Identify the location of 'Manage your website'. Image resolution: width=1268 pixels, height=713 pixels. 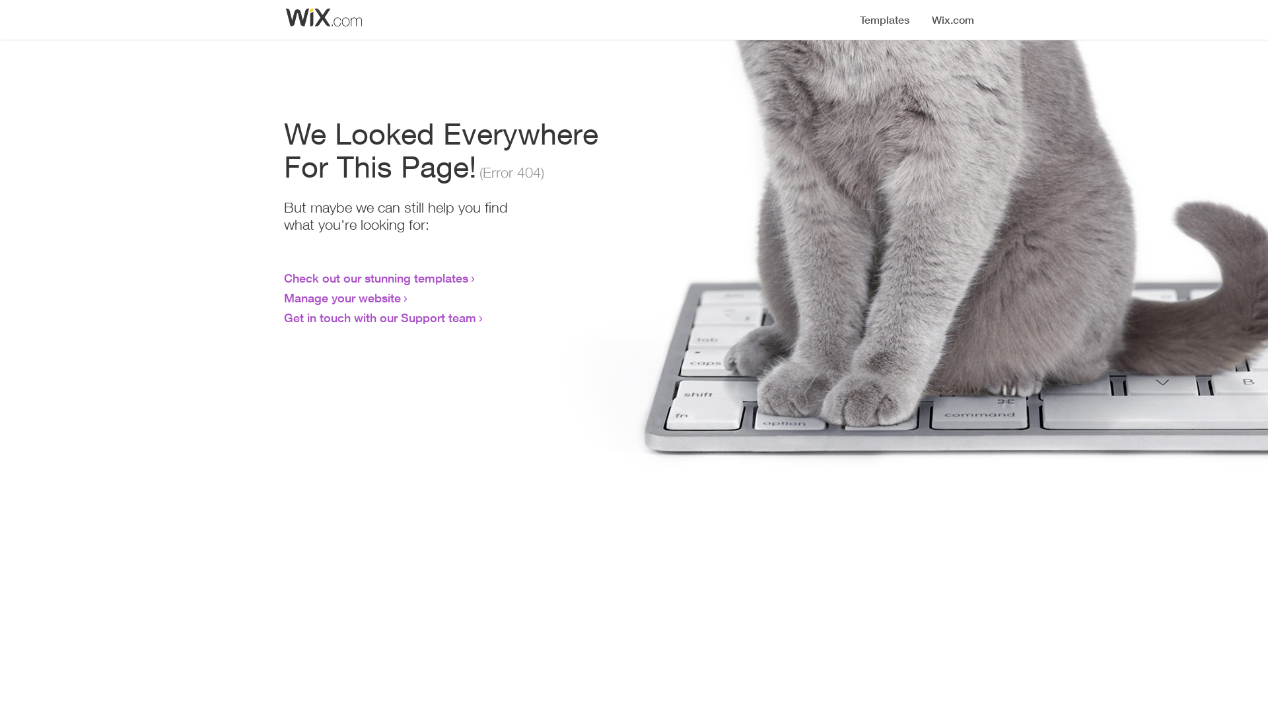
(342, 298).